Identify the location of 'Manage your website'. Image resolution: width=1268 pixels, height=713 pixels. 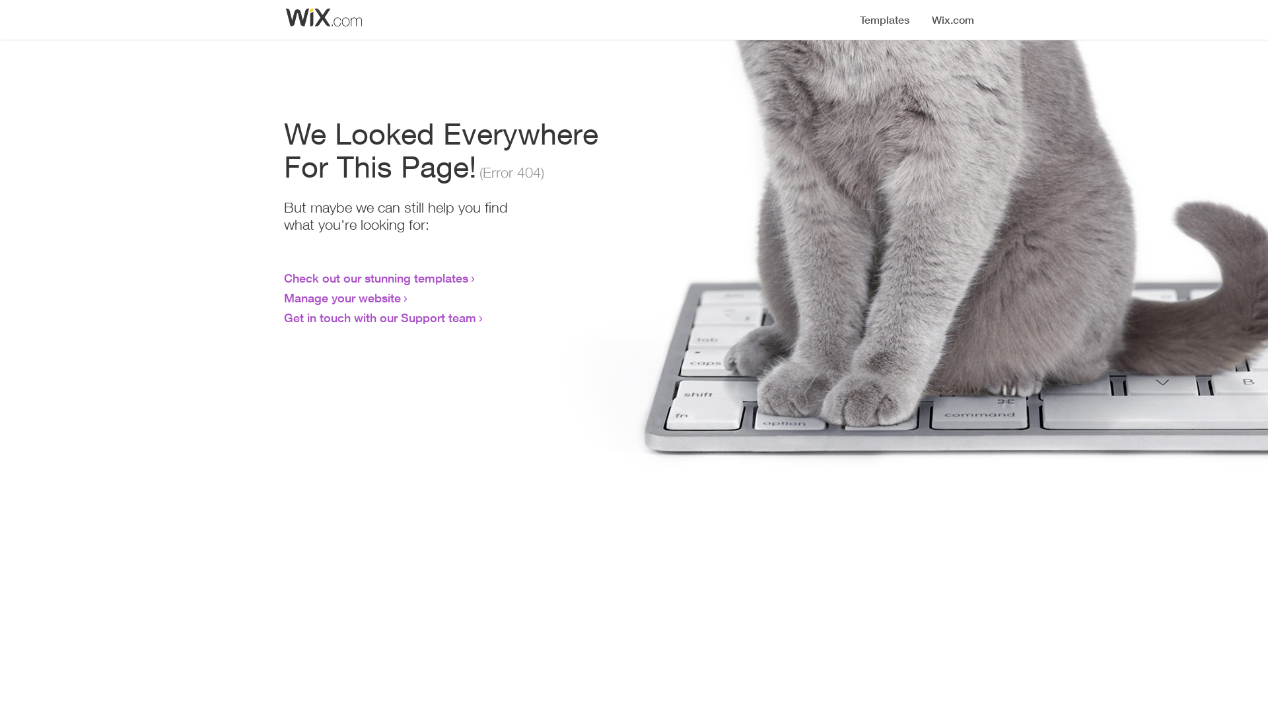
(342, 298).